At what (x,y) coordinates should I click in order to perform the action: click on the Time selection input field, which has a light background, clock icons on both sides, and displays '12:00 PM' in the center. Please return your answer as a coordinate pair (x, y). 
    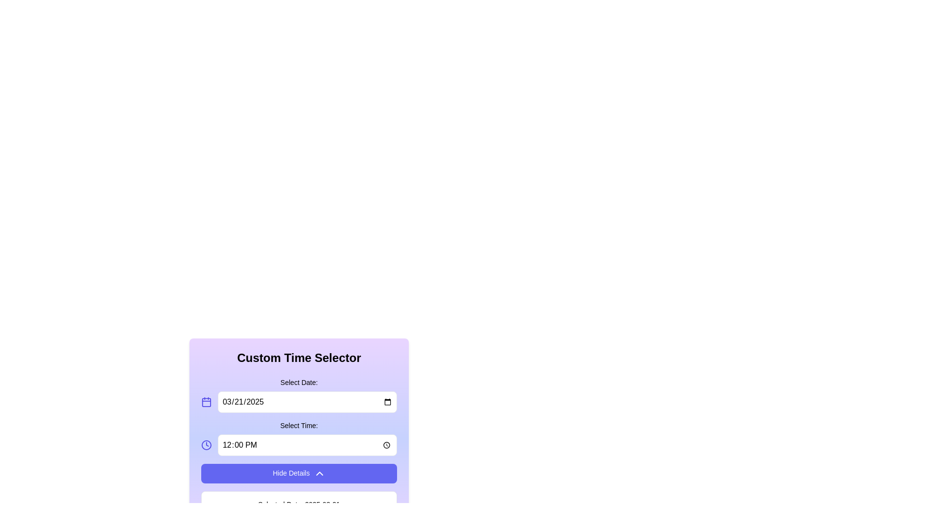
    Looking at the image, I should click on (298, 445).